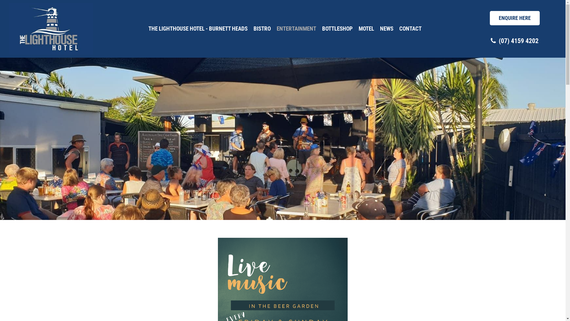  What do you see at coordinates (366, 29) in the screenshot?
I see `'MOTEL'` at bounding box center [366, 29].